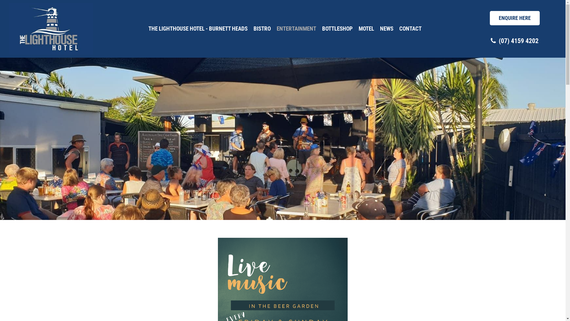  What do you see at coordinates (366, 29) in the screenshot?
I see `'MOTEL'` at bounding box center [366, 29].